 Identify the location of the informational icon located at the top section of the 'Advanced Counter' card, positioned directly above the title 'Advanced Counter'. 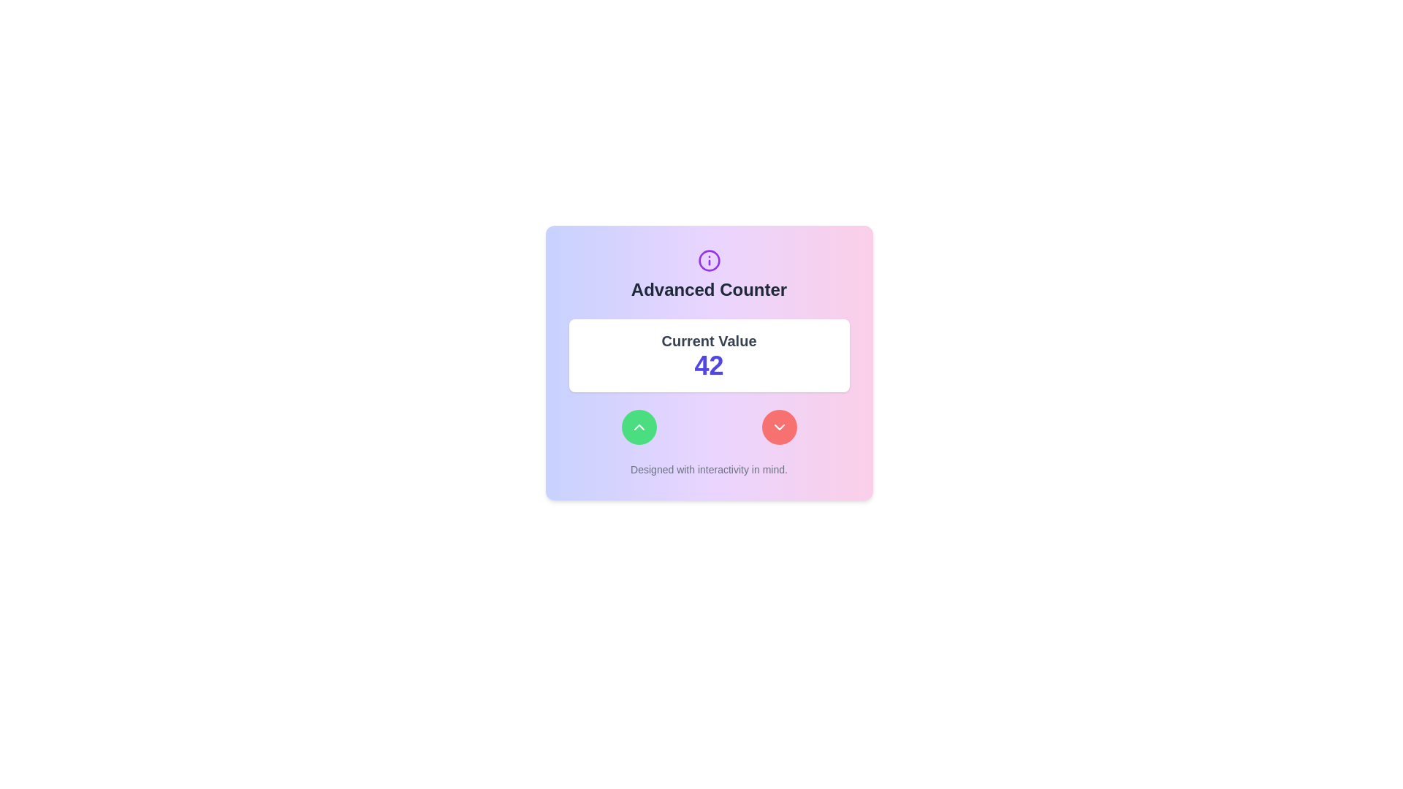
(709, 260).